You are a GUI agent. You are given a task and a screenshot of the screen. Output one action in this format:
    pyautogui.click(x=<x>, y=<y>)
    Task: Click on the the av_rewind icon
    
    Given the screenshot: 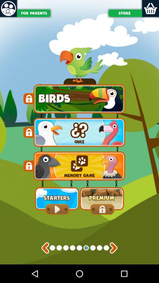 What is the action you would take?
    pyautogui.click(x=45, y=265)
    